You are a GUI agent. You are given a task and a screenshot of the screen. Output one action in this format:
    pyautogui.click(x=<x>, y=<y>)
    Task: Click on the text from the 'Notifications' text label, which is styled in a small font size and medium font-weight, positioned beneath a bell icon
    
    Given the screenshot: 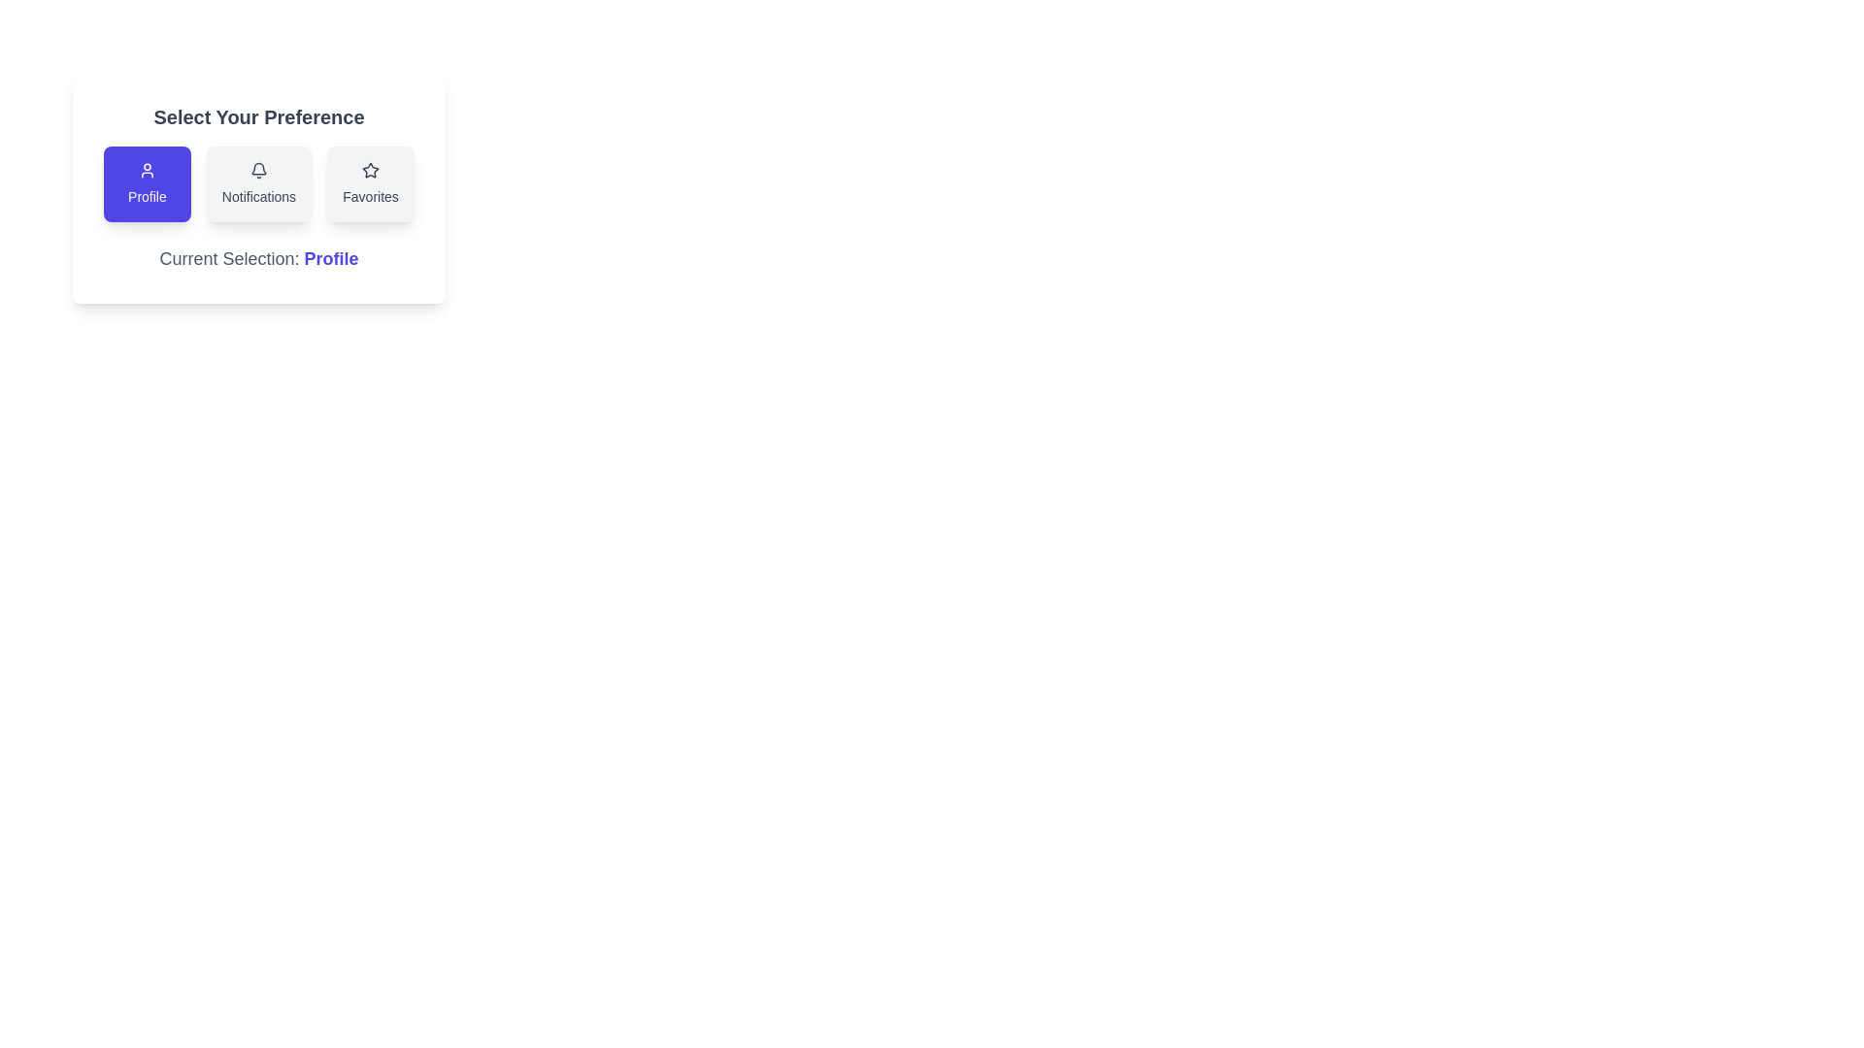 What is the action you would take?
    pyautogui.click(x=258, y=197)
    